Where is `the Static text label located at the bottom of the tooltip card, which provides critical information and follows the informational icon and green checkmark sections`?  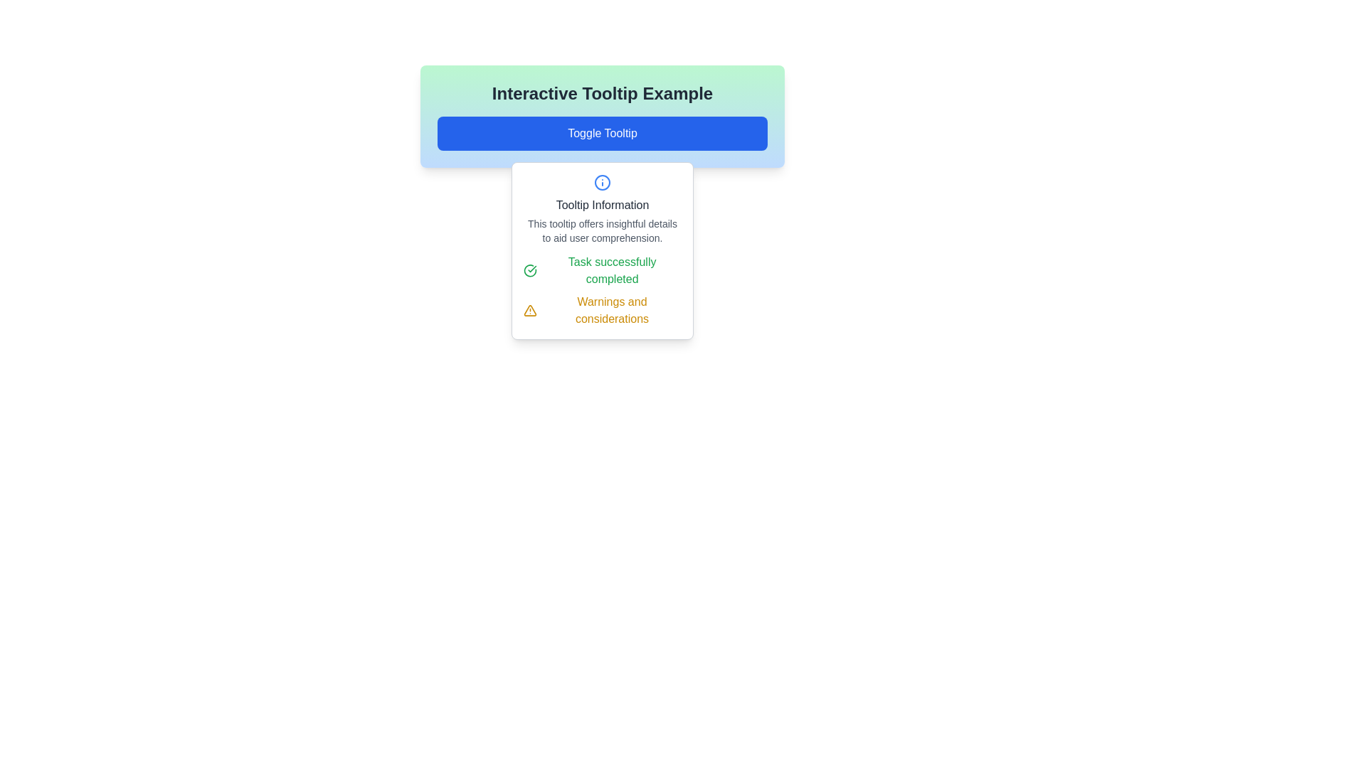
the Static text label located at the bottom of the tooltip card, which provides critical information and follows the informational icon and green checkmark sections is located at coordinates (612, 309).